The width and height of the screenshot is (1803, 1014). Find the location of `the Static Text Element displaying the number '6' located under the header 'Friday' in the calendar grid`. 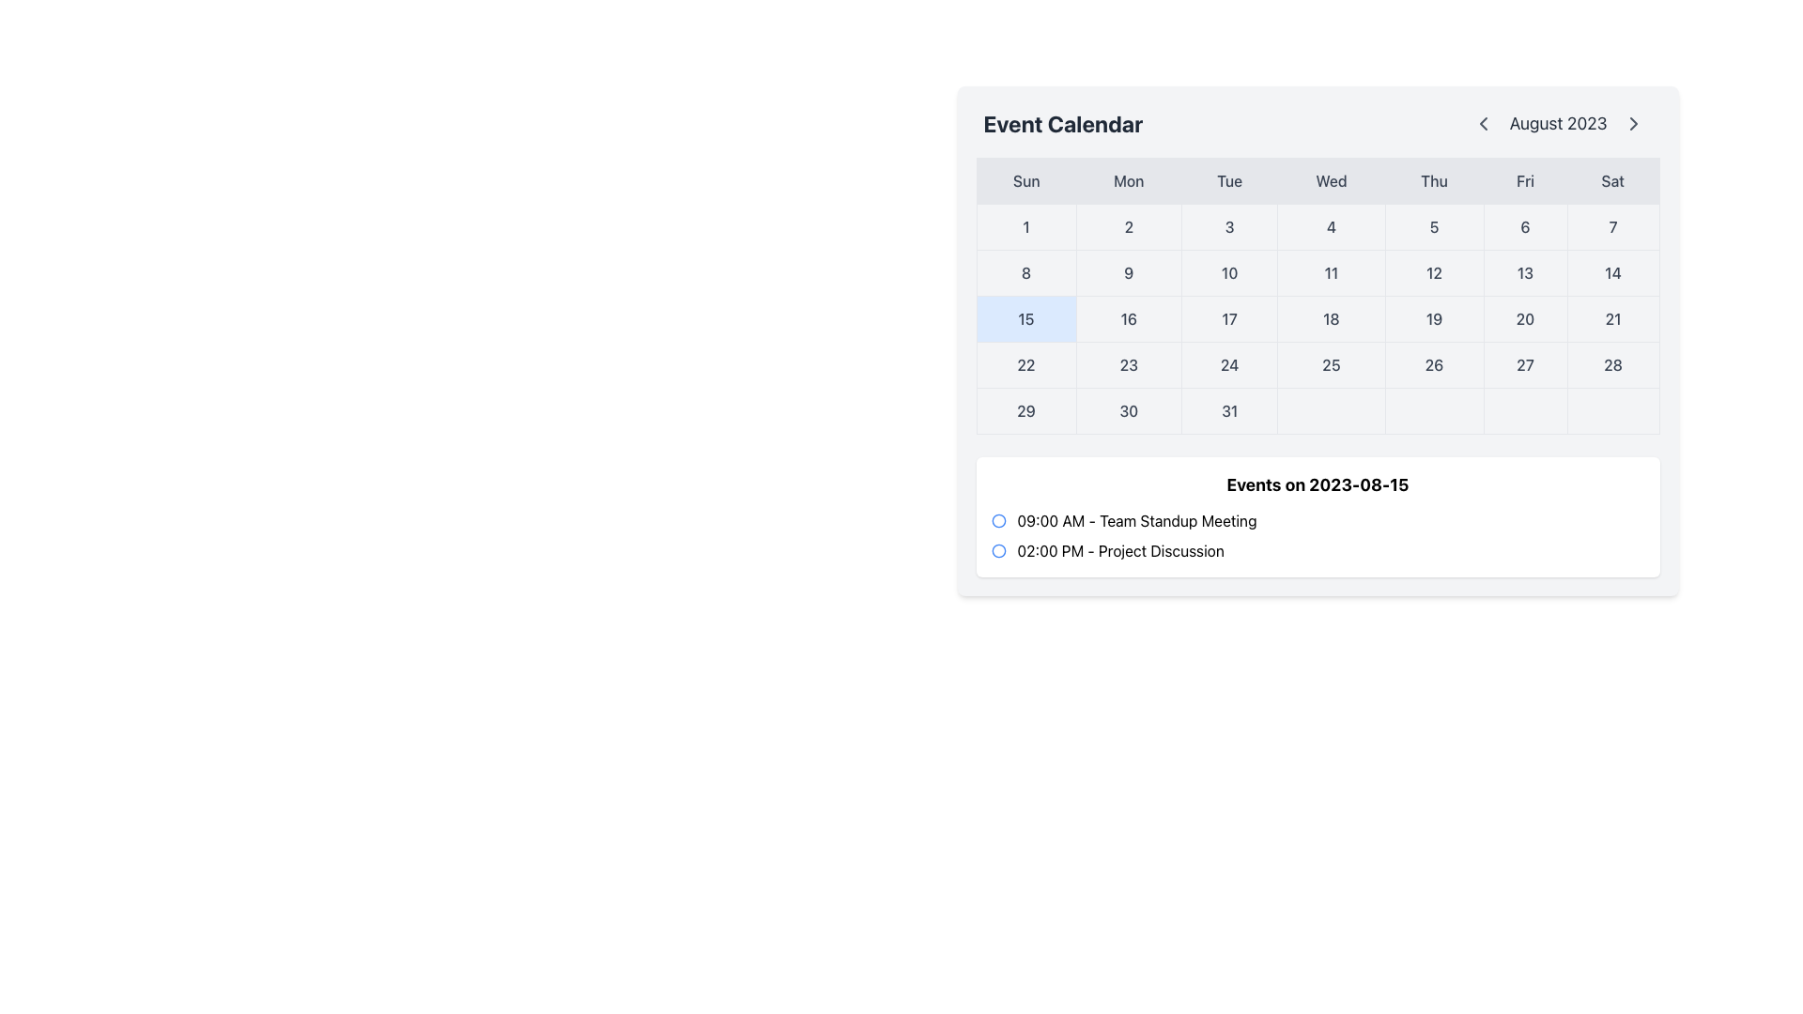

the Static Text Element displaying the number '6' located under the header 'Friday' in the calendar grid is located at coordinates (1525, 226).